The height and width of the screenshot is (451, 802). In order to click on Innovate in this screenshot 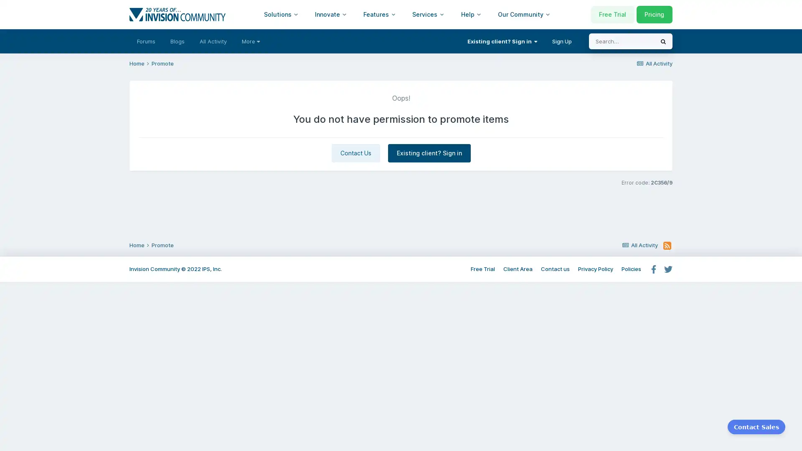, I will do `click(330, 14)`.